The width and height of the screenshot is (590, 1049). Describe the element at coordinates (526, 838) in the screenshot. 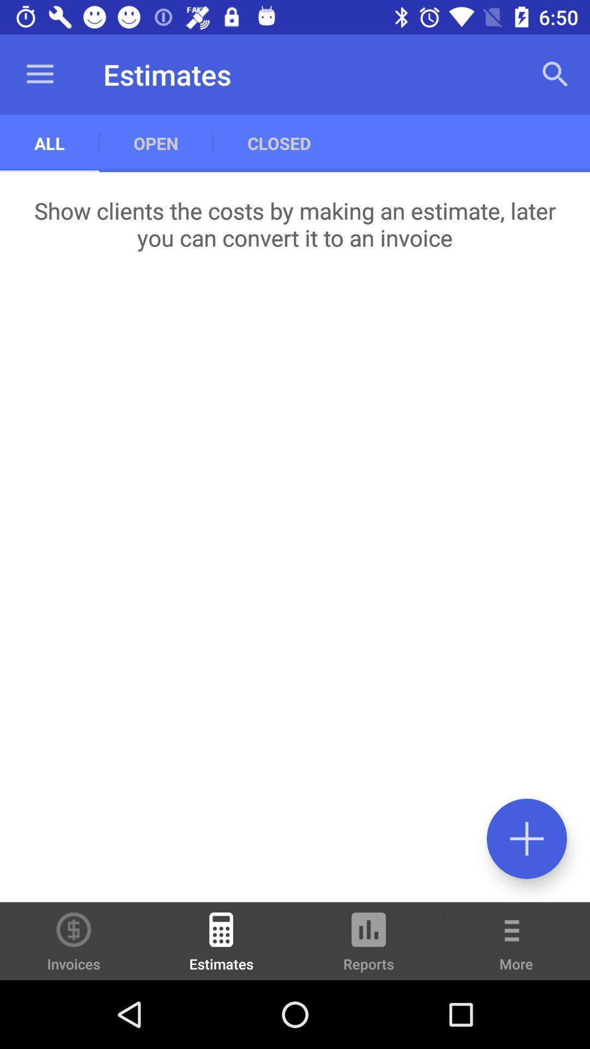

I see `the add icon` at that location.